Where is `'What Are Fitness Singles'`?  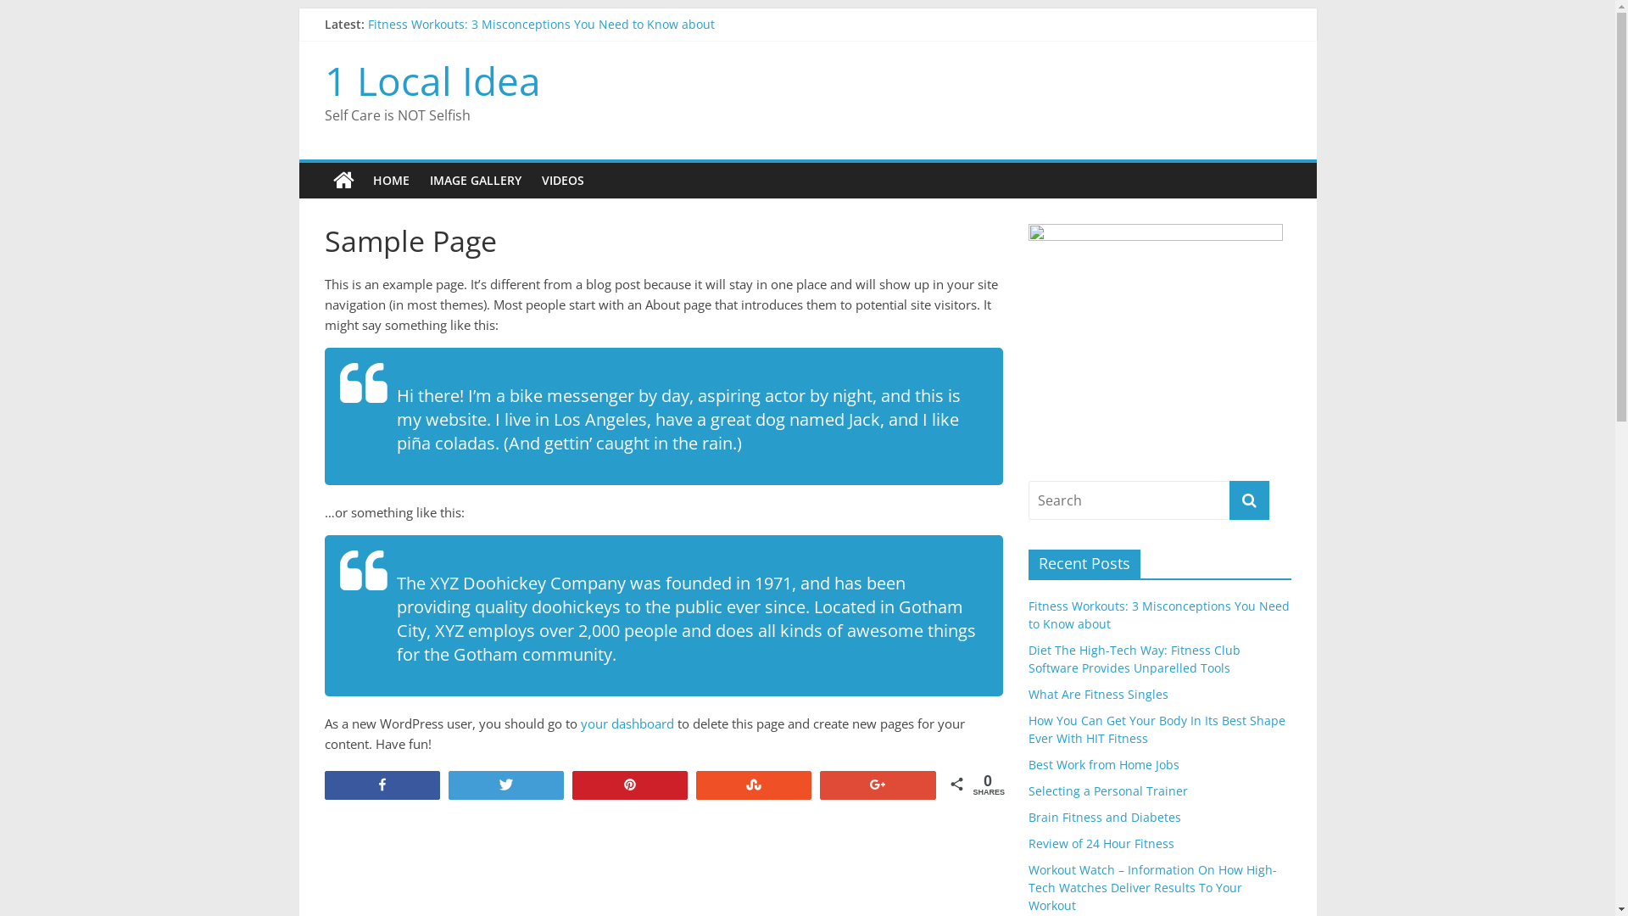
'What Are Fitness Singles' is located at coordinates (438, 61).